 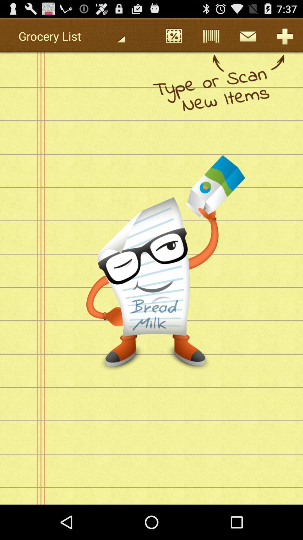 What do you see at coordinates (174, 38) in the screenshot?
I see `the date_range icon` at bounding box center [174, 38].